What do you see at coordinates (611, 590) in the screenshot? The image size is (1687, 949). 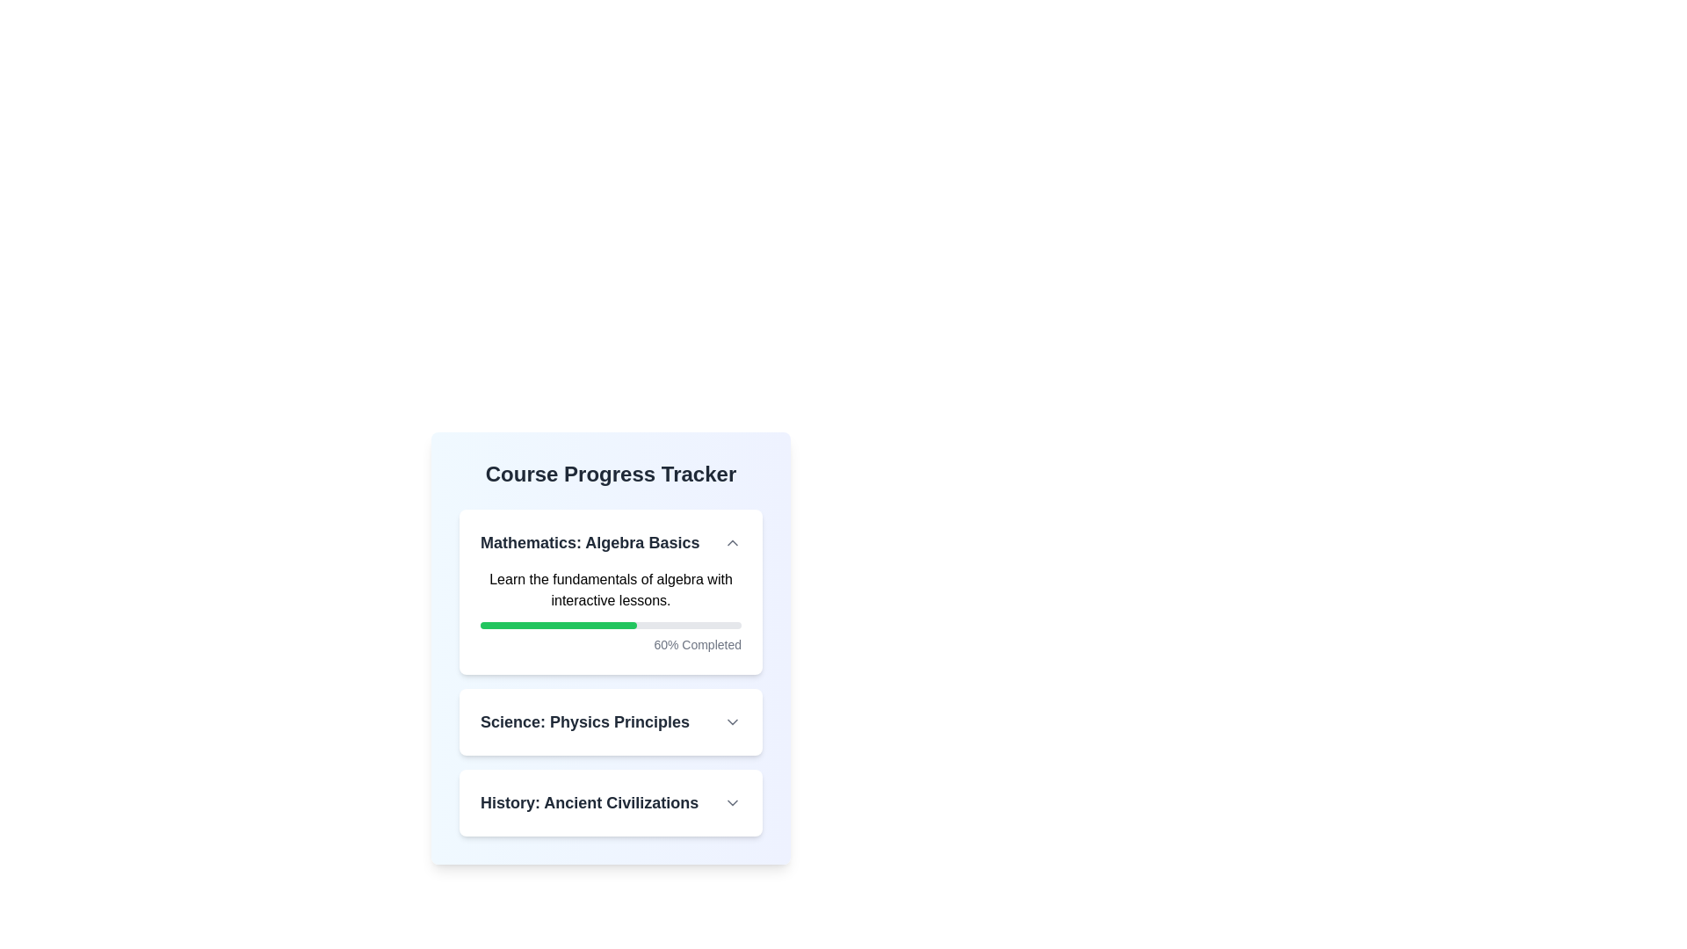 I see `the descriptive text block for the 'Mathematics: Algebra Basics' section, located above the progress bar and '60% Completed' label` at bounding box center [611, 590].